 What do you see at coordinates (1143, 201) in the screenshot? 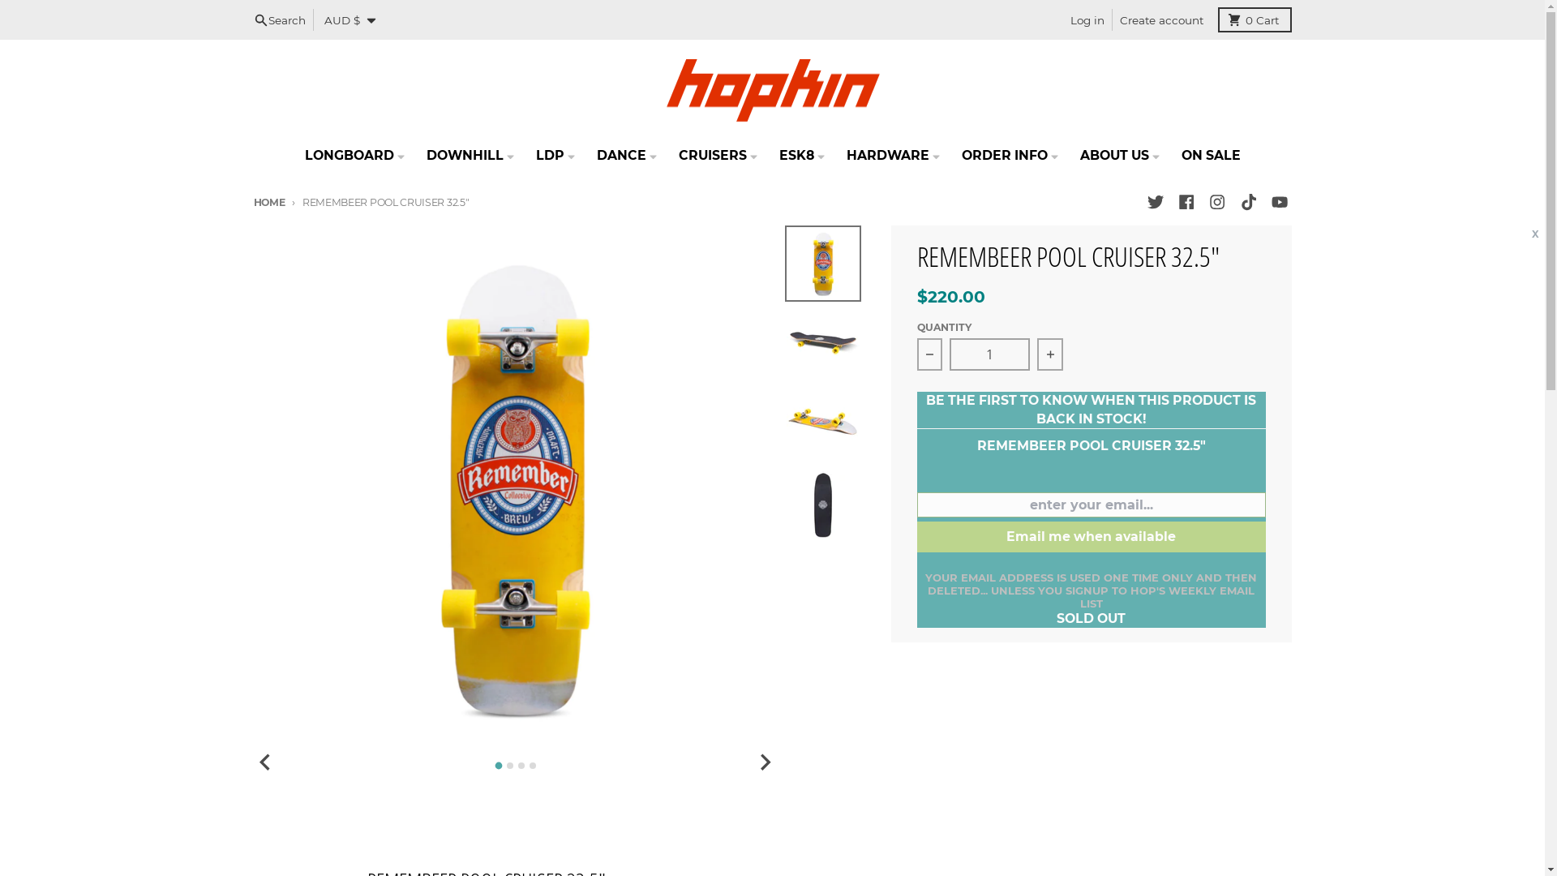
I see `'Twitter - Hopkin Skate'` at bounding box center [1143, 201].